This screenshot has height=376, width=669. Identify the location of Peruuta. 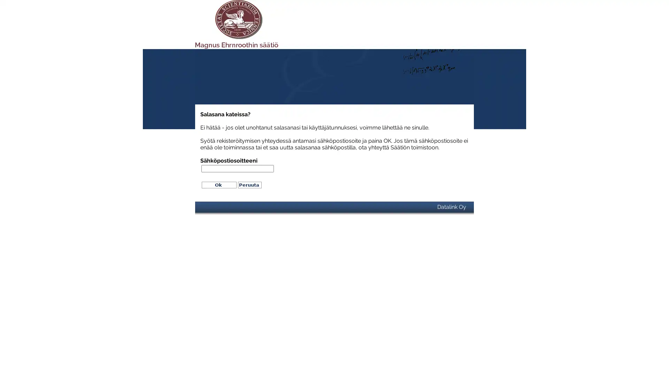
(249, 185).